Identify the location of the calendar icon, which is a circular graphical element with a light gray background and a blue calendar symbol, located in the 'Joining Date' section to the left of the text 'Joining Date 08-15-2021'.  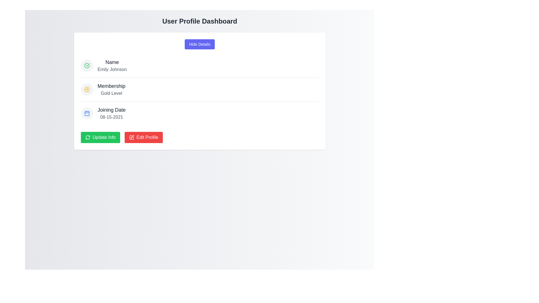
(86, 113).